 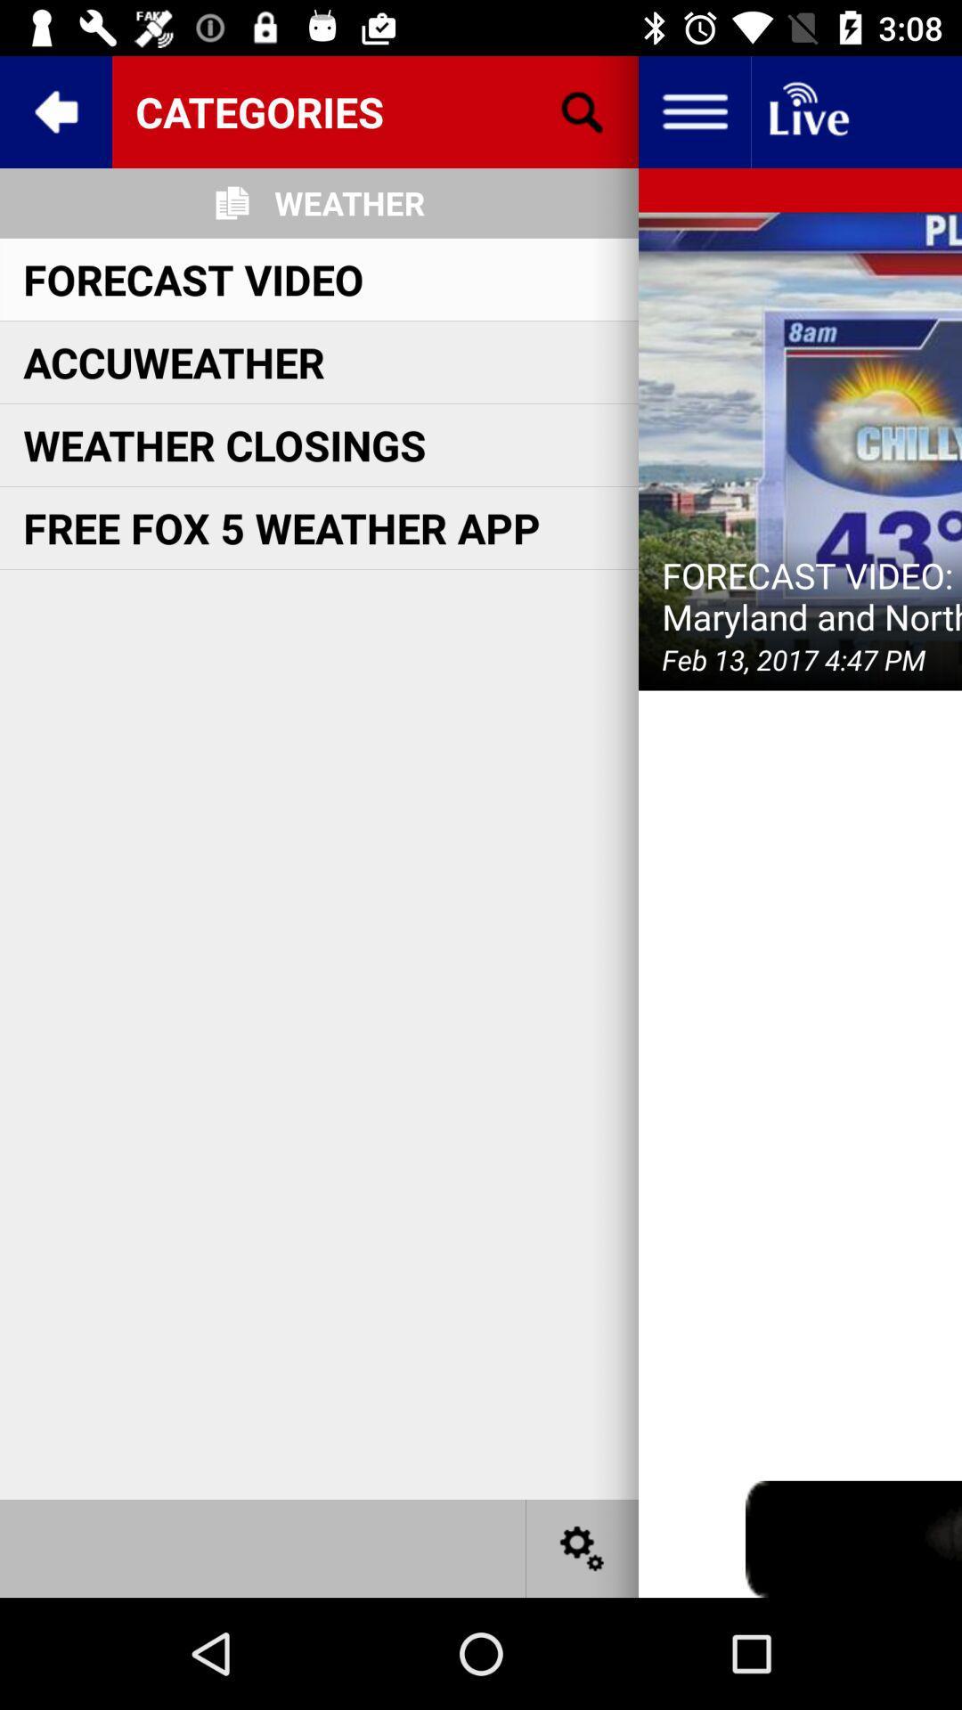 I want to click on back button, so click(x=54, y=110).